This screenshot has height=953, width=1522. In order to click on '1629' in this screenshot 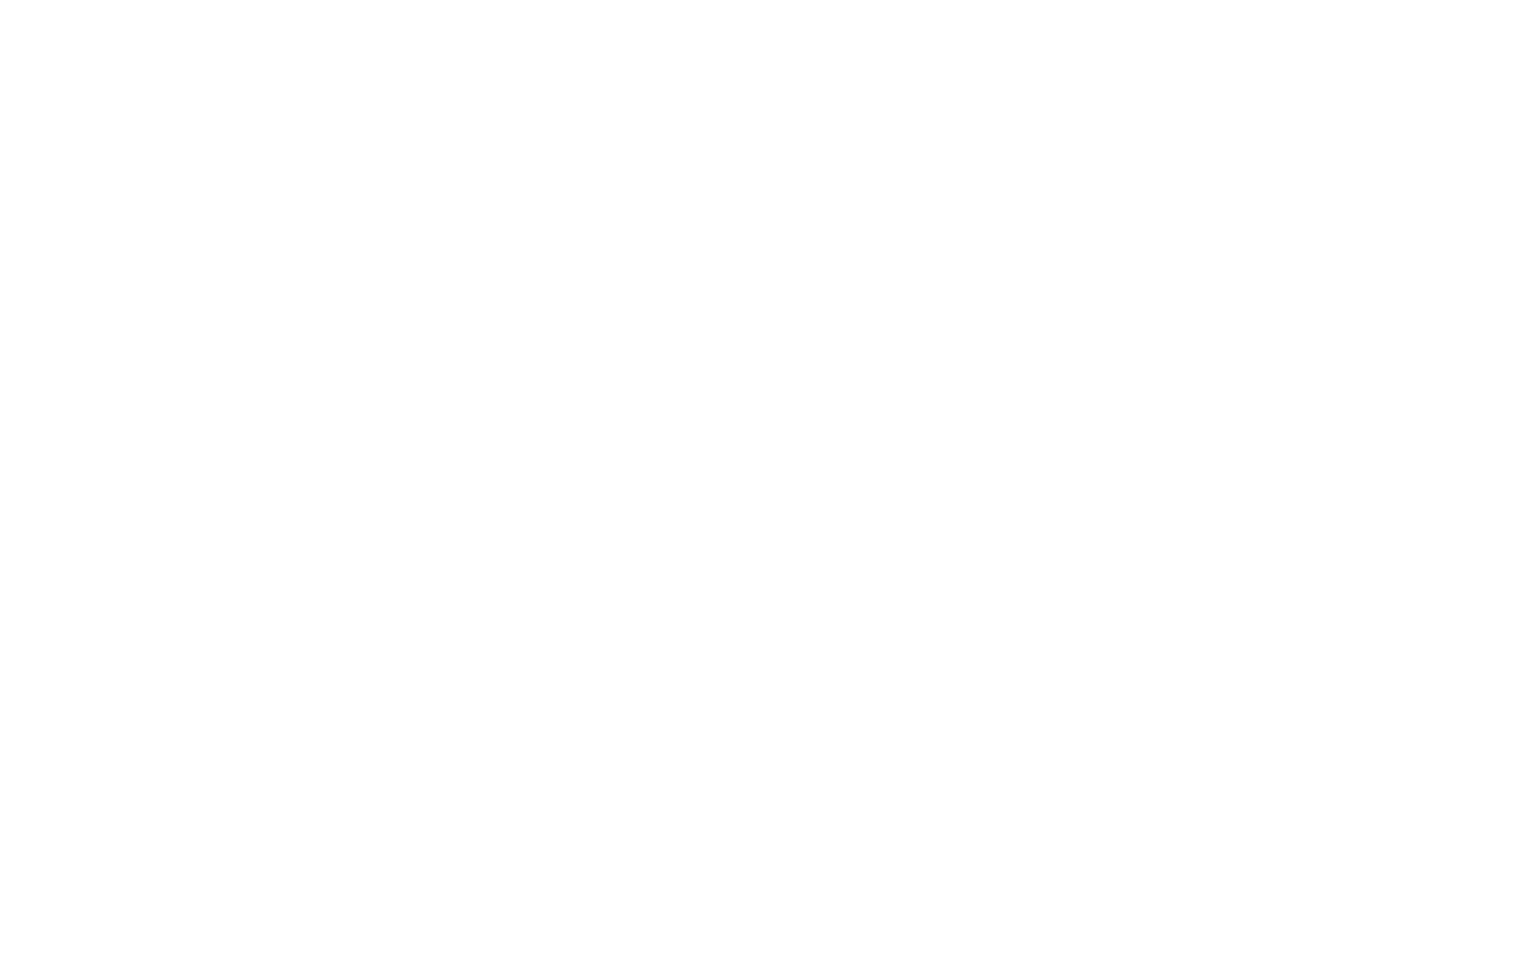, I will do `click(1176, 97)`.